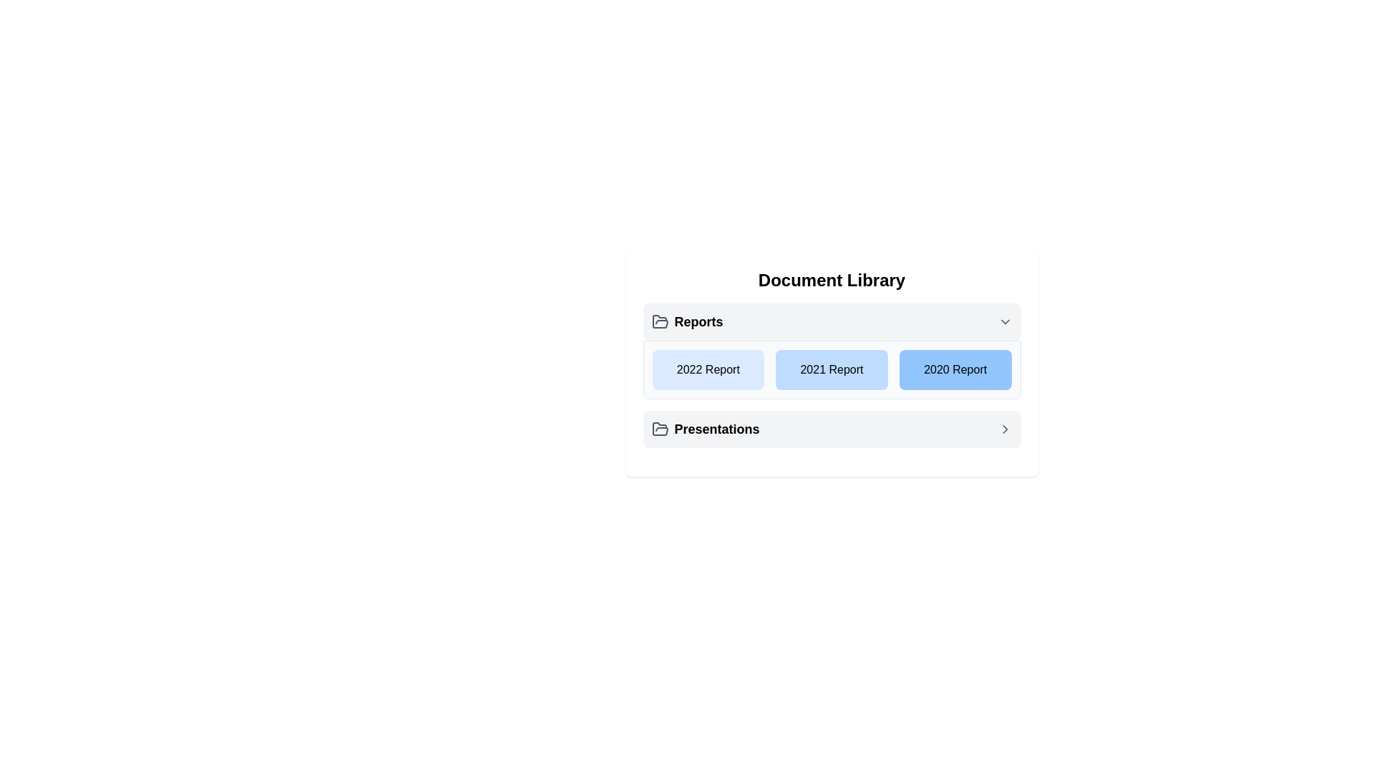 The height and width of the screenshot is (773, 1374). I want to click on label of the Header Text labeled 'Document Library', which is styled in bold and located centrally at the top of its enclosing card, so click(832, 281).